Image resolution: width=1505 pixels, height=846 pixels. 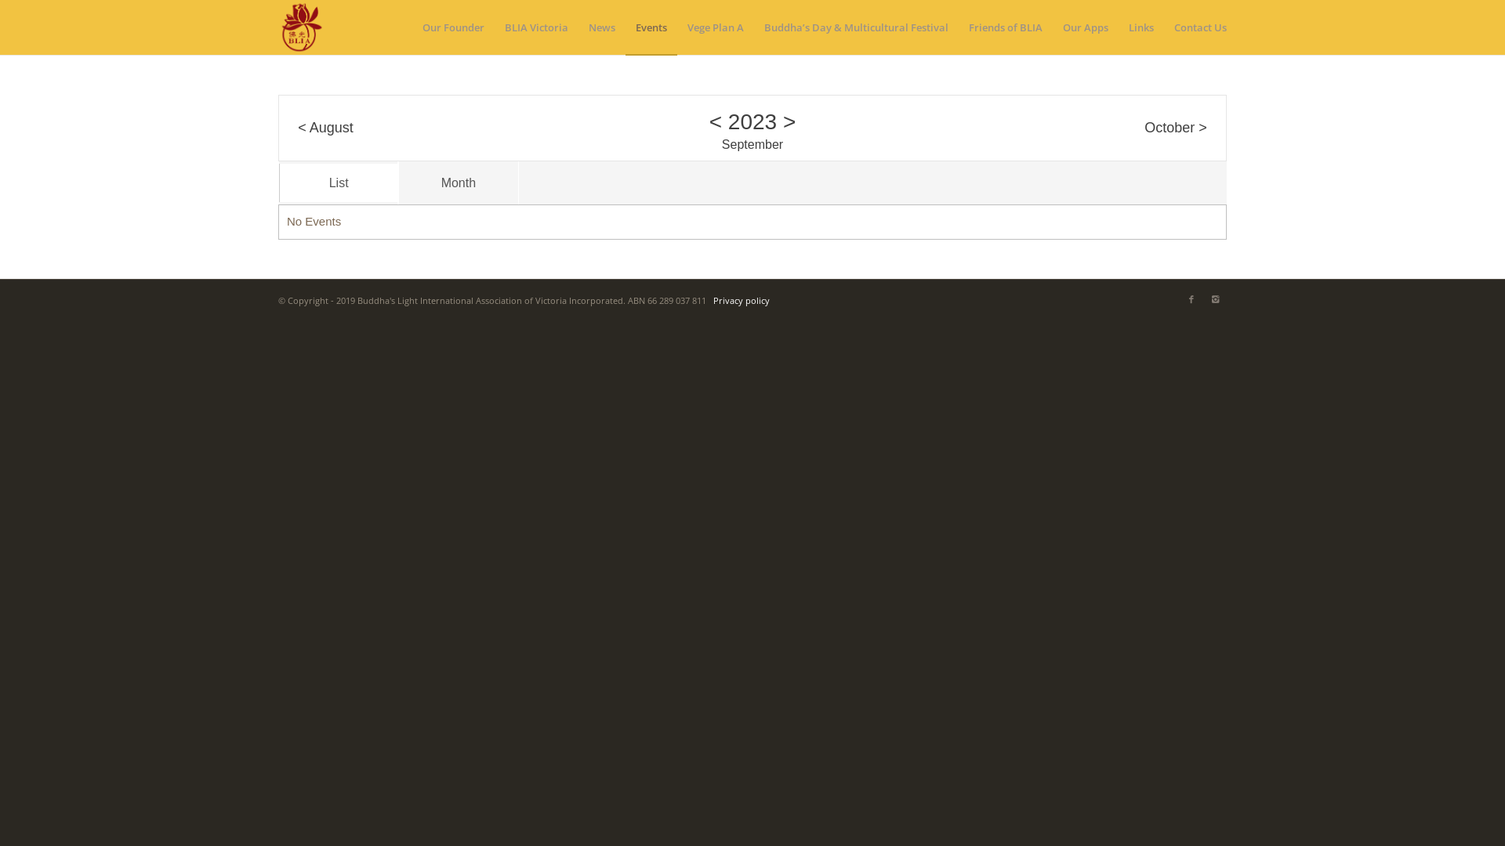 What do you see at coordinates (1191, 298) in the screenshot?
I see `'Facebook'` at bounding box center [1191, 298].